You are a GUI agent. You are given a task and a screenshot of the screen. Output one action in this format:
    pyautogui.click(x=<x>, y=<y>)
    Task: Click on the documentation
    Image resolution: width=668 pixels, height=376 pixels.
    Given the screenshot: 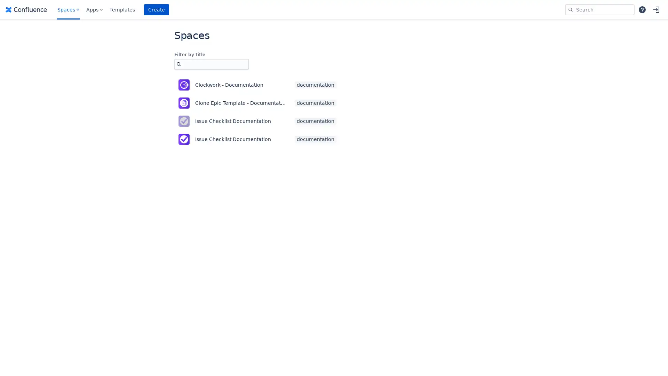 What is the action you would take?
    pyautogui.click(x=315, y=120)
    